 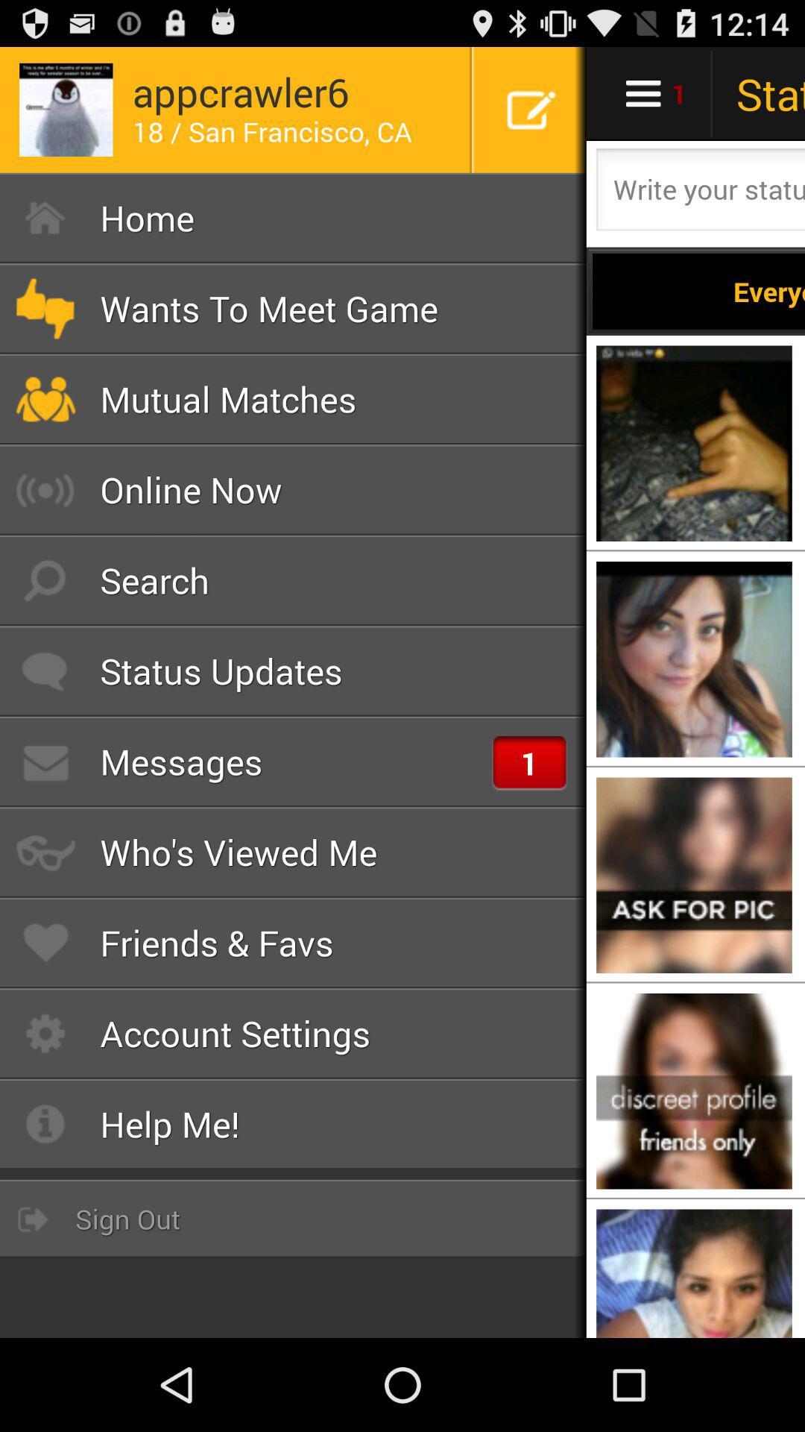 I want to click on the wants to meet, so click(x=293, y=307).